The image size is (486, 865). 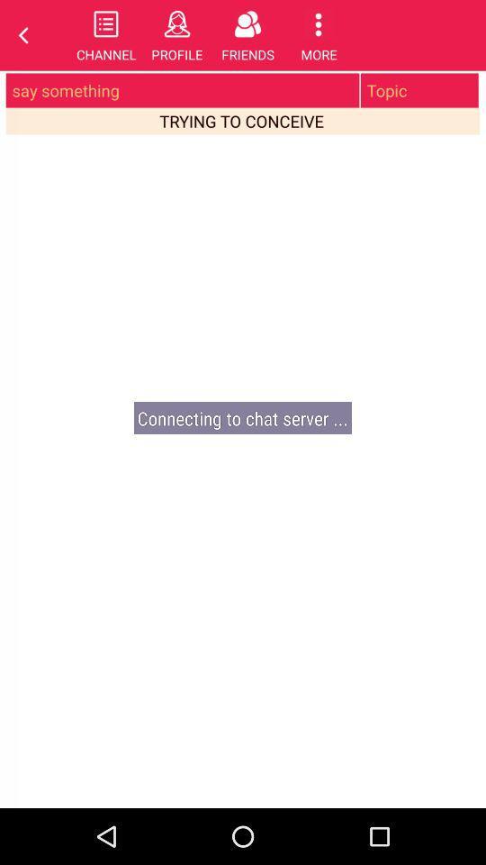 I want to click on the arrow_backward icon, so click(x=25, y=36).